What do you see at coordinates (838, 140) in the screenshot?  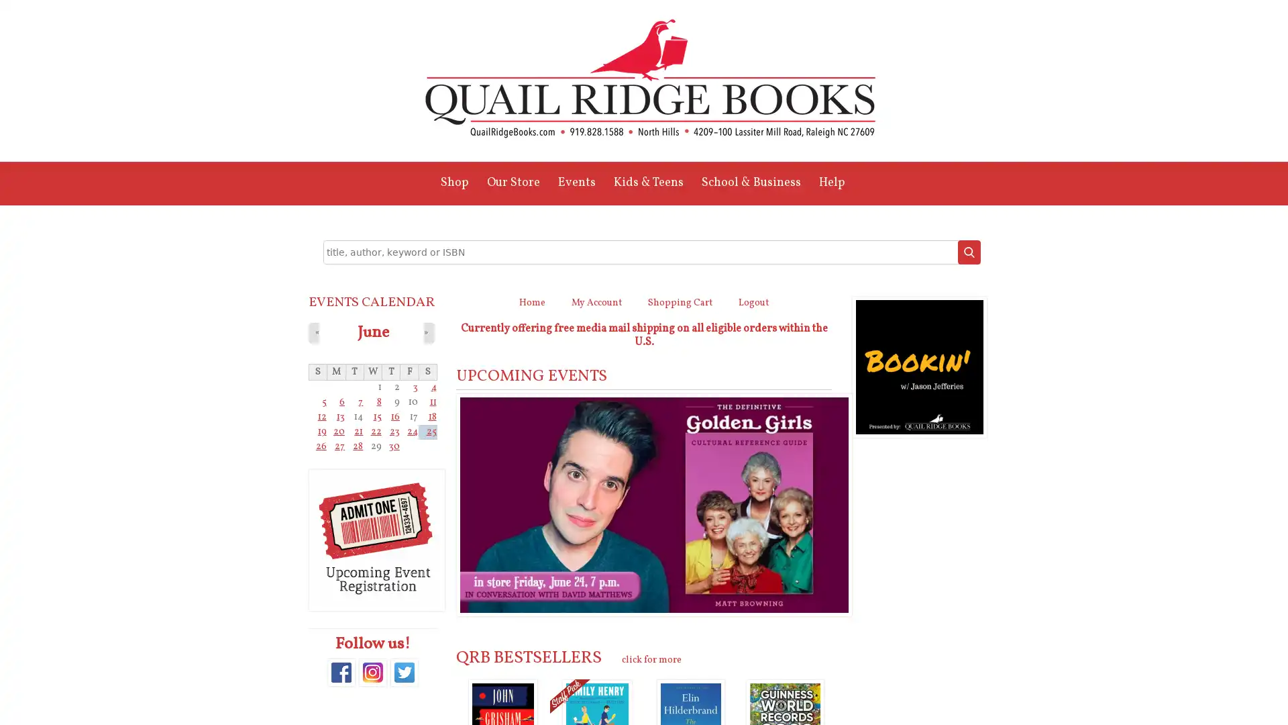 I see `Close` at bounding box center [838, 140].